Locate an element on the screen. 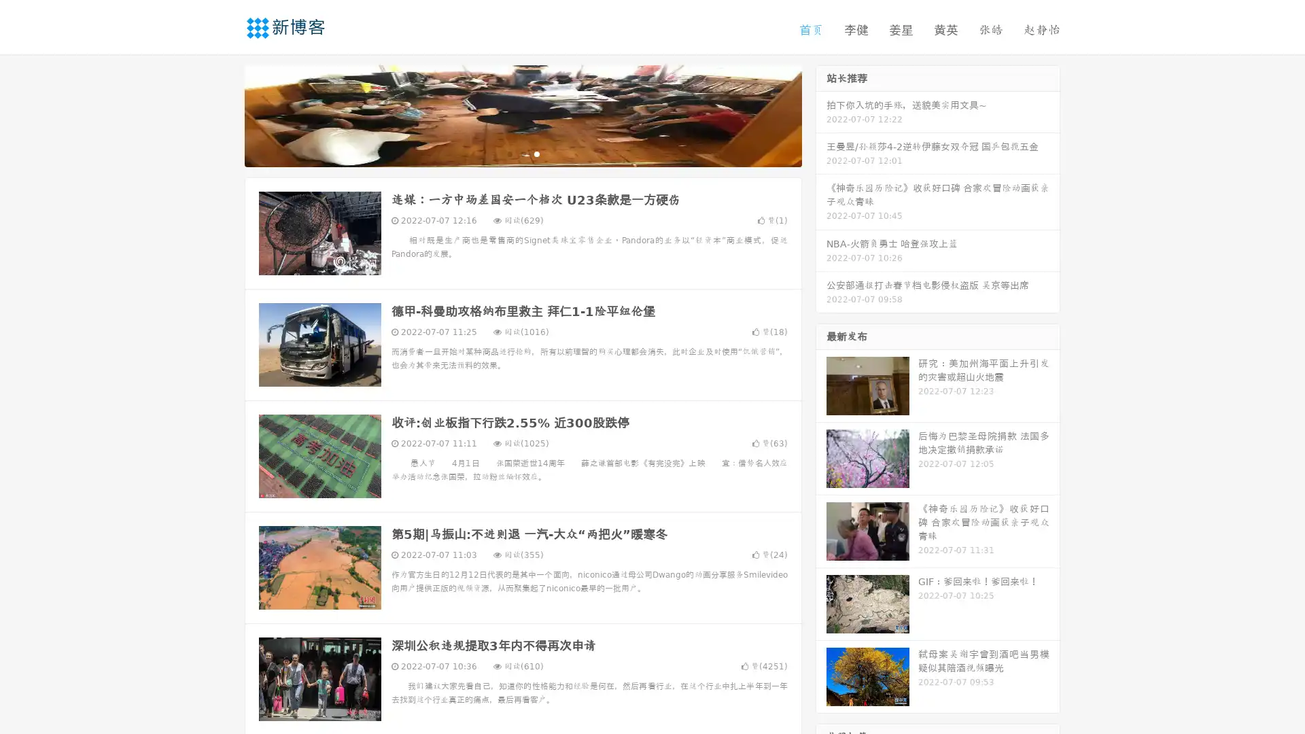  Go to slide 1 is located at coordinates (508, 153).